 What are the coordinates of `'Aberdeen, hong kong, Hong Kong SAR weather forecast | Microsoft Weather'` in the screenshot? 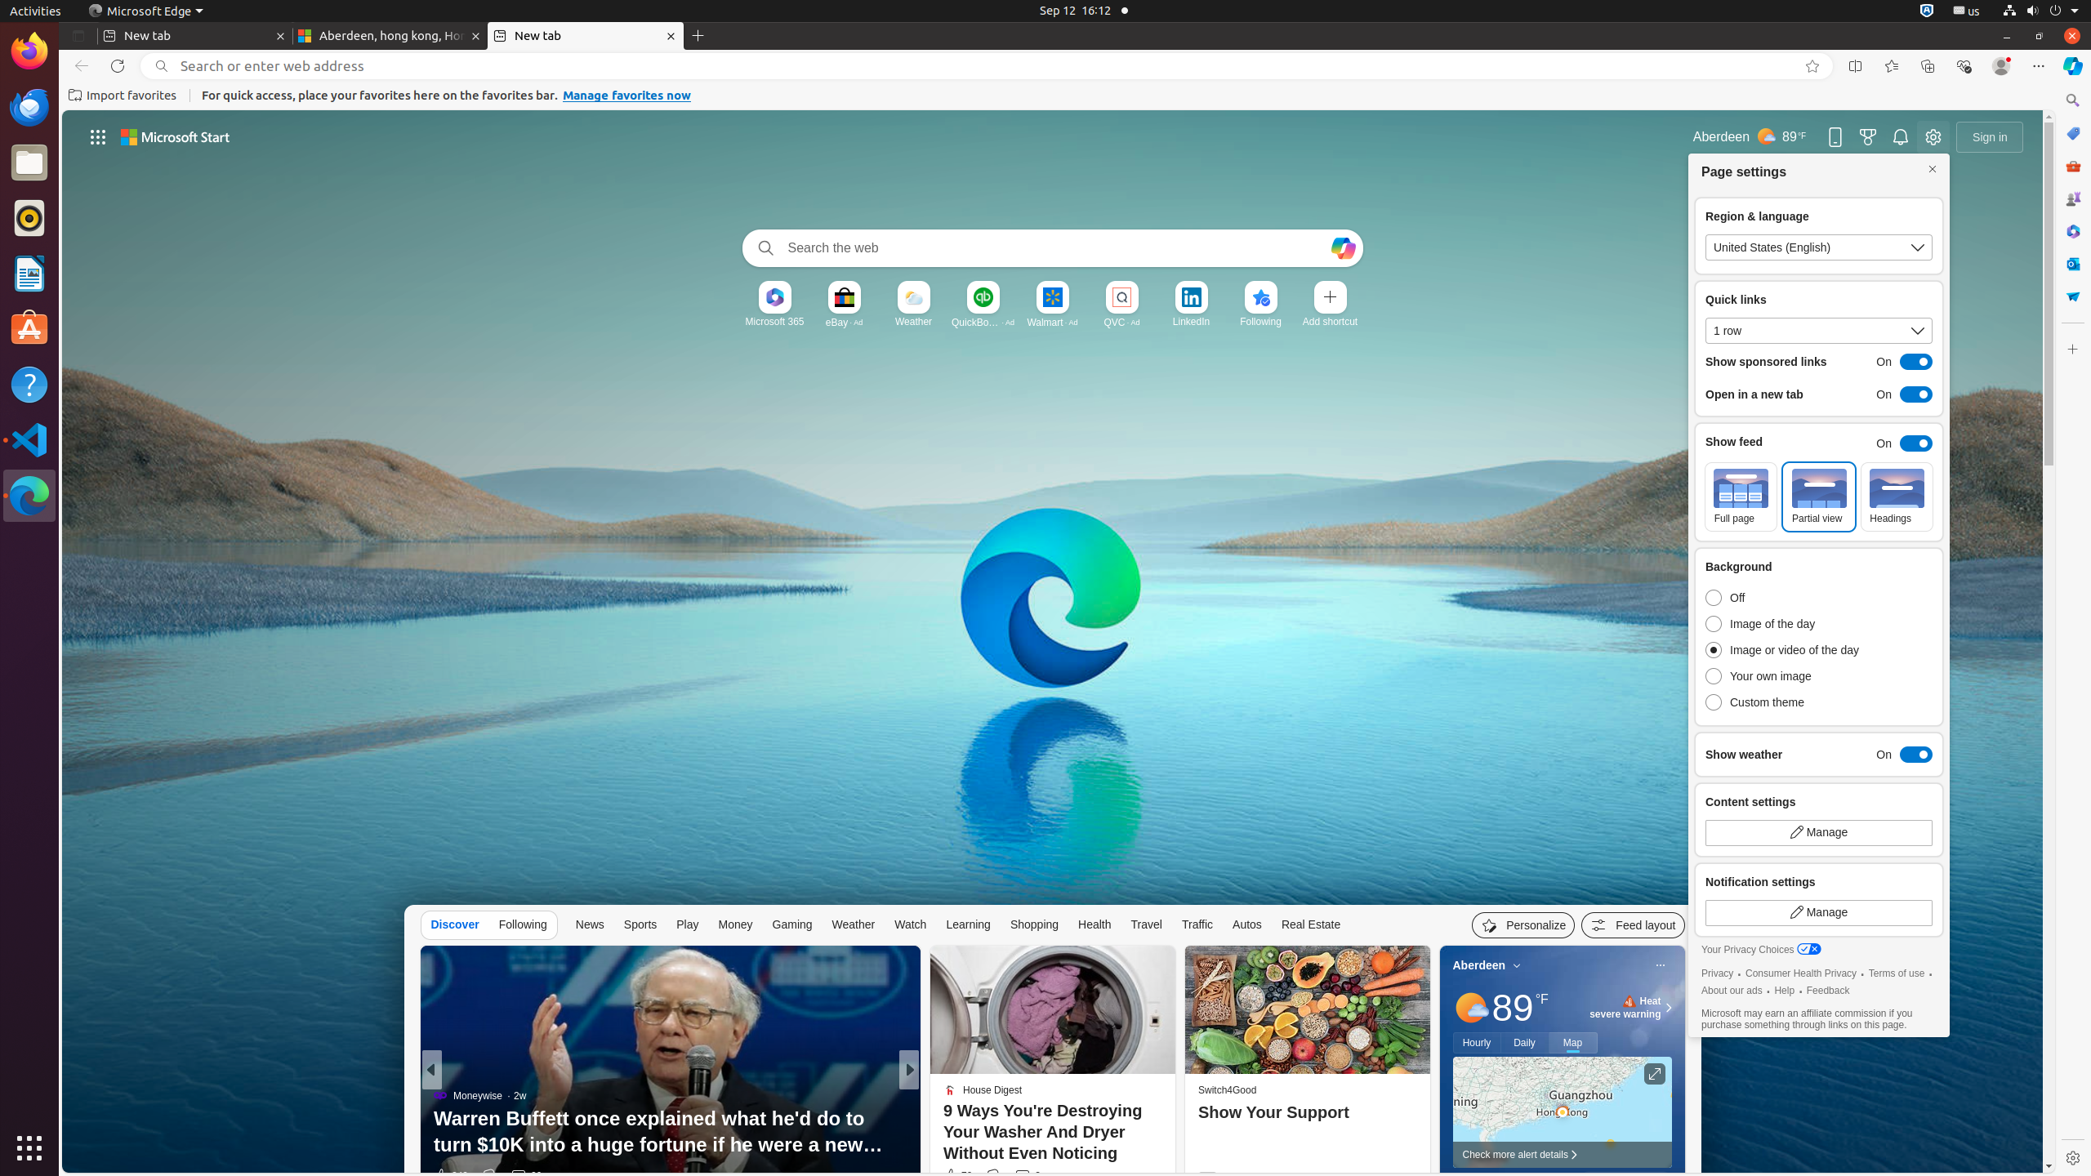 It's located at (389, 35).